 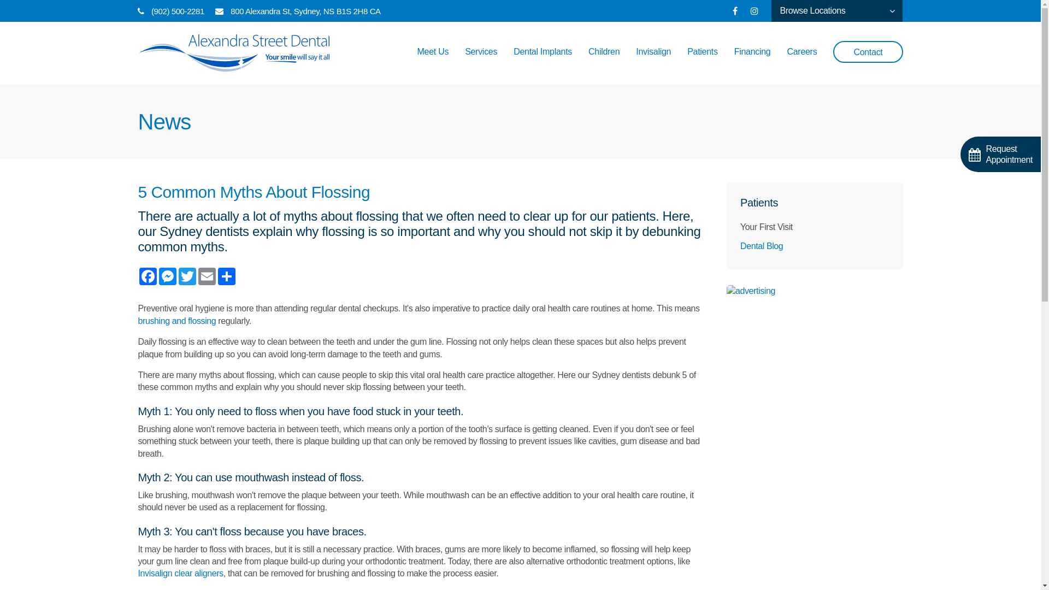 What do you see at coordinates (543, 63) in the screenshot?
I see `'Dental Implants'` at bounding box center [543, 63].